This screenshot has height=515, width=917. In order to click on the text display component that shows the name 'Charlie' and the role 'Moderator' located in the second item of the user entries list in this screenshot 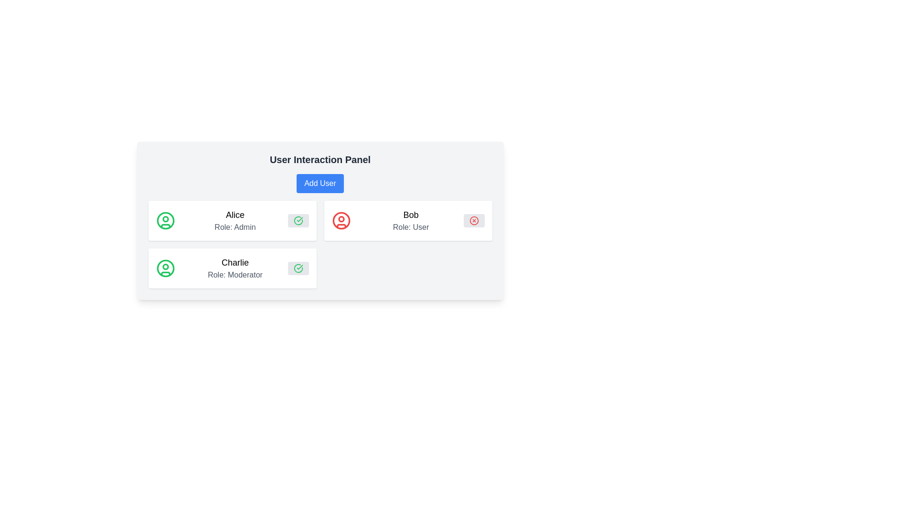, I will do `click(235, 268)`.